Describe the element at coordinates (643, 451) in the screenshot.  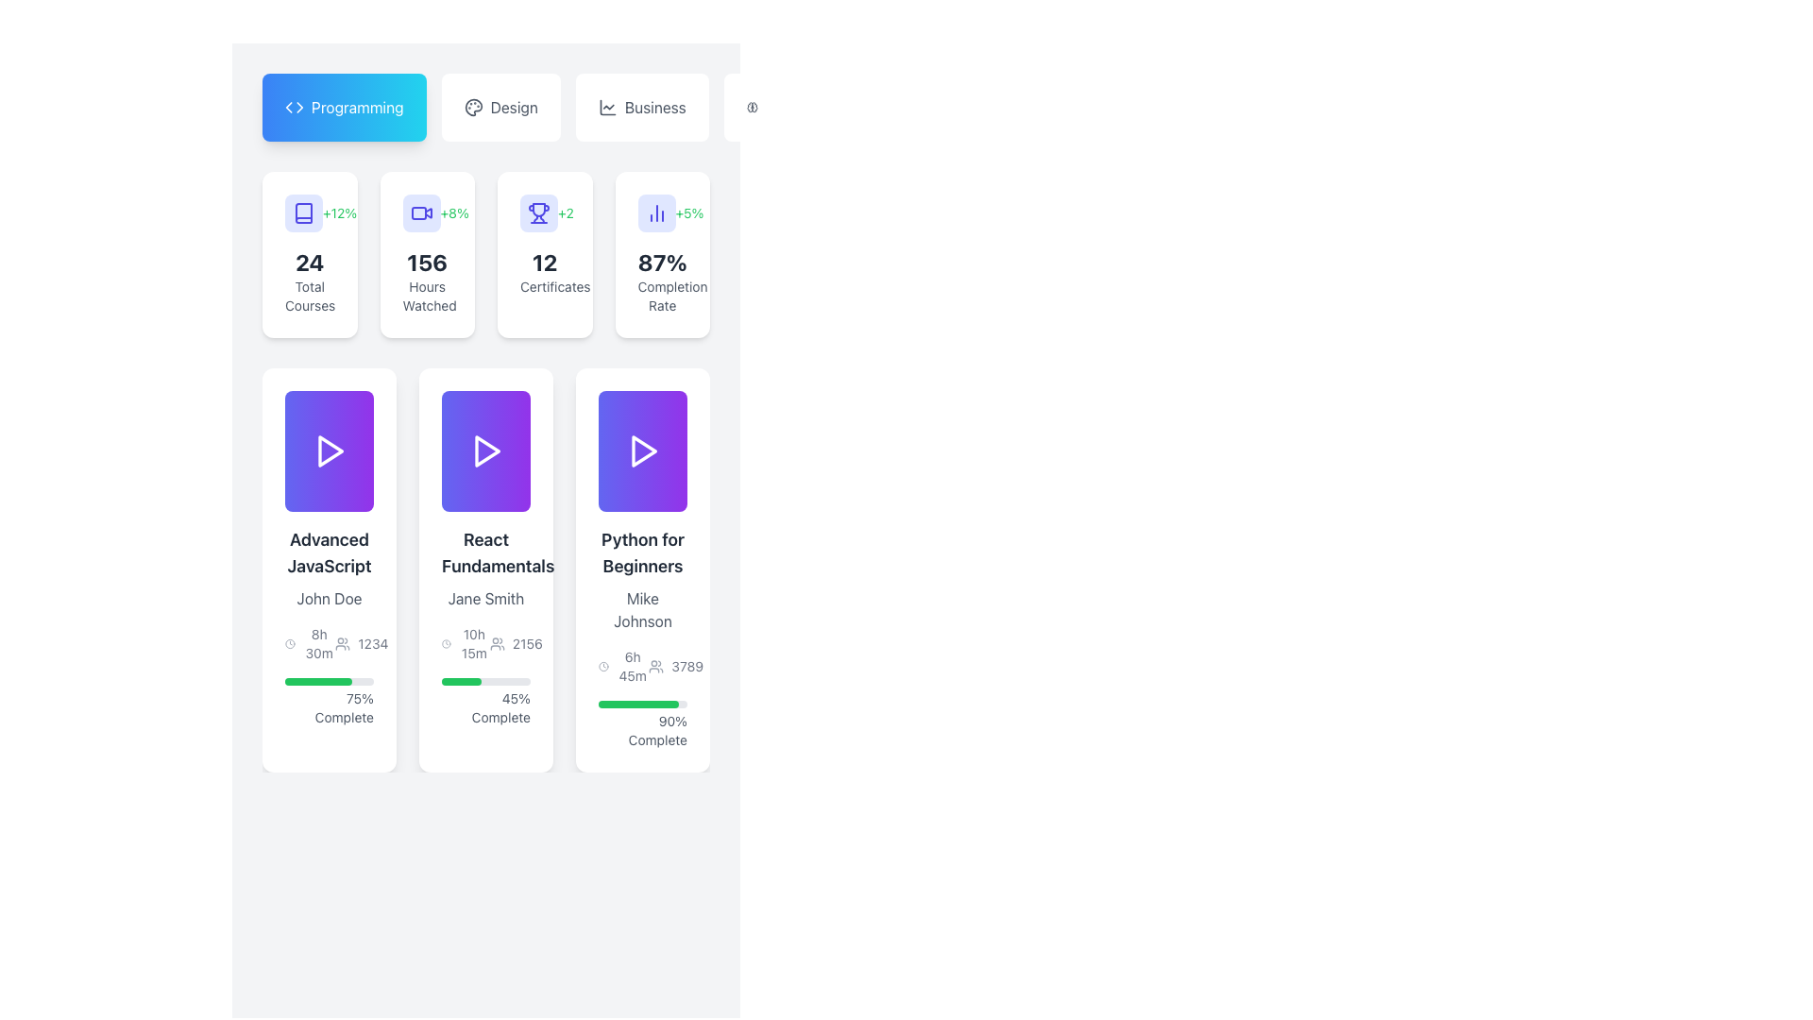
I see `the SVG graphical play button located in the third card labeled 'Python for Beginners'` at that location.